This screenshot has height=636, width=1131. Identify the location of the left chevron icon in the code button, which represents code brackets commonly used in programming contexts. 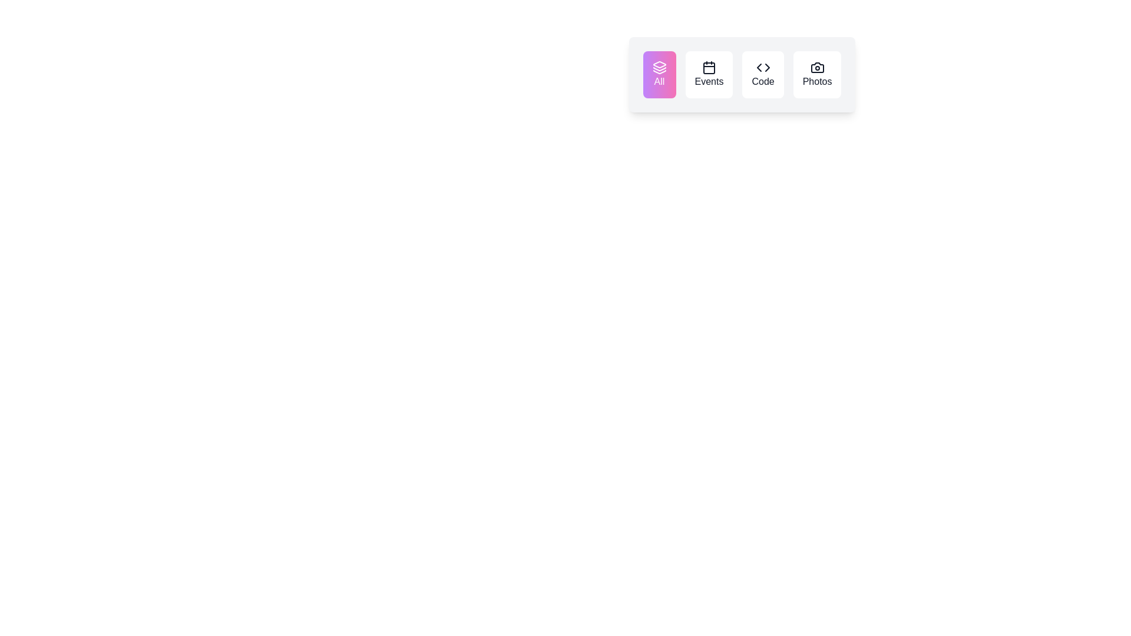
(759, 68).